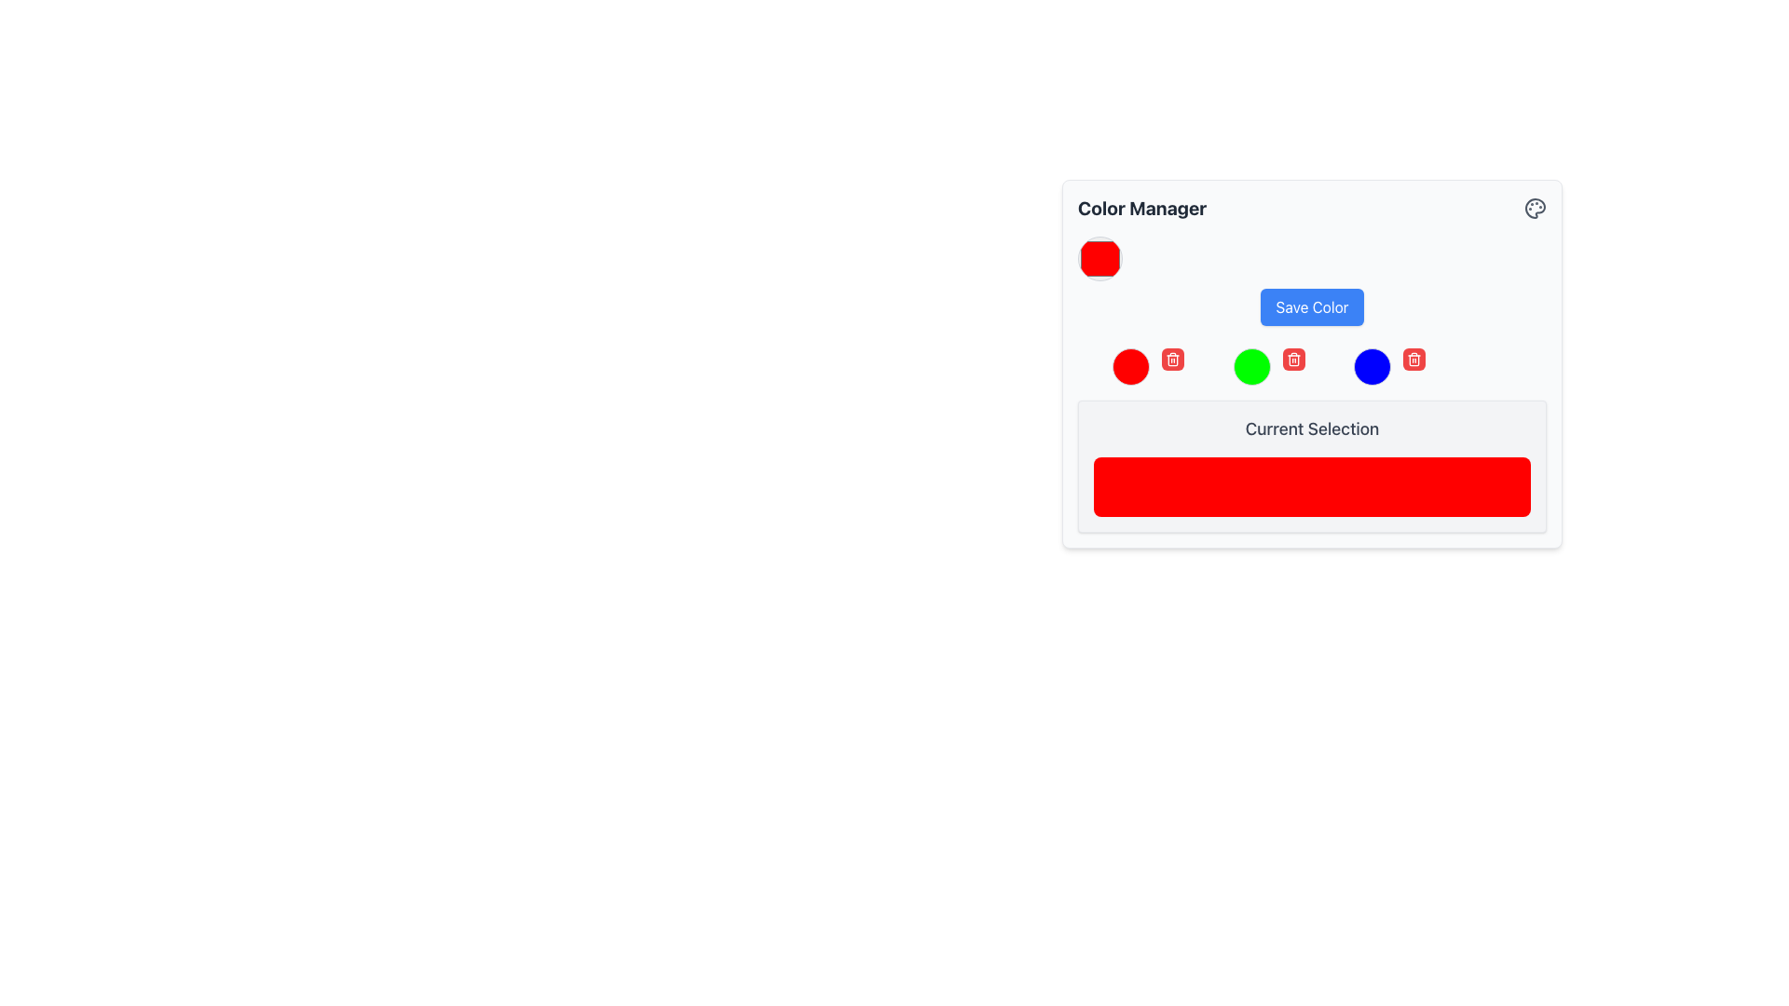  Describe the element at coordinates (1535, 208) in the screenshot. I see `the circular gray palette icon located in the header of the 'Color Manager' section` at that location.